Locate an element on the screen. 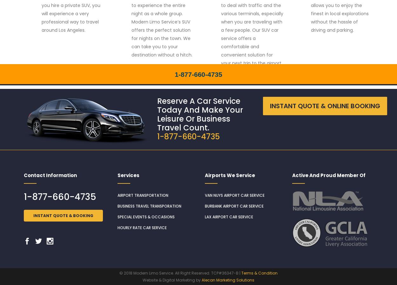  'Active And Proud Member Of' is located at coordinates (329, 175).